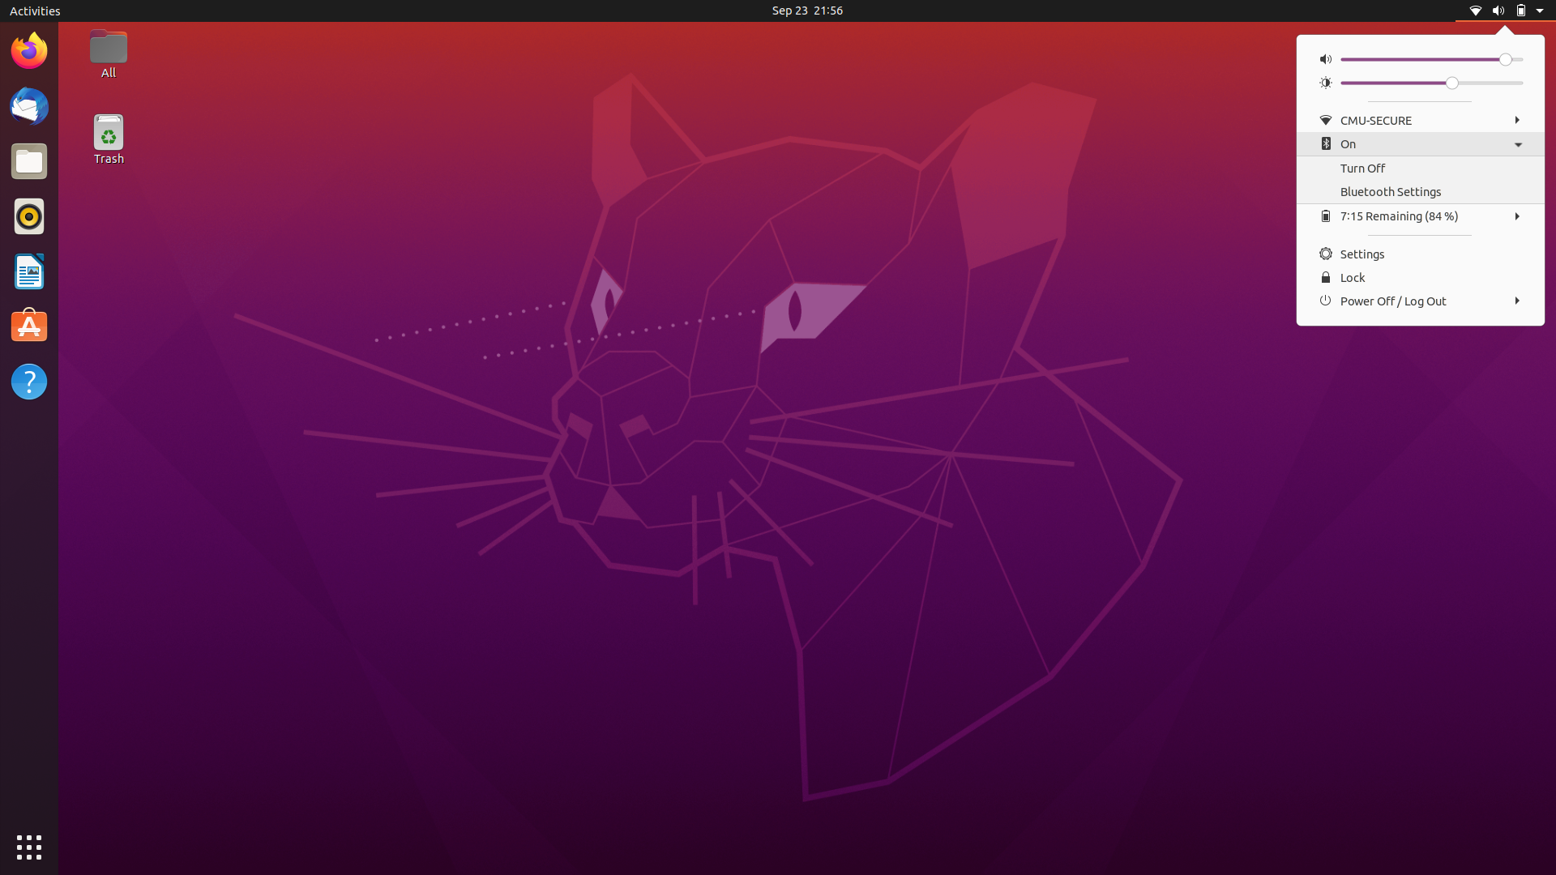  What do you see at coordinates (2888714, 11812) in the screenshot?
I see `Amplify sound volume` at bounding box center [2888714, 11812].